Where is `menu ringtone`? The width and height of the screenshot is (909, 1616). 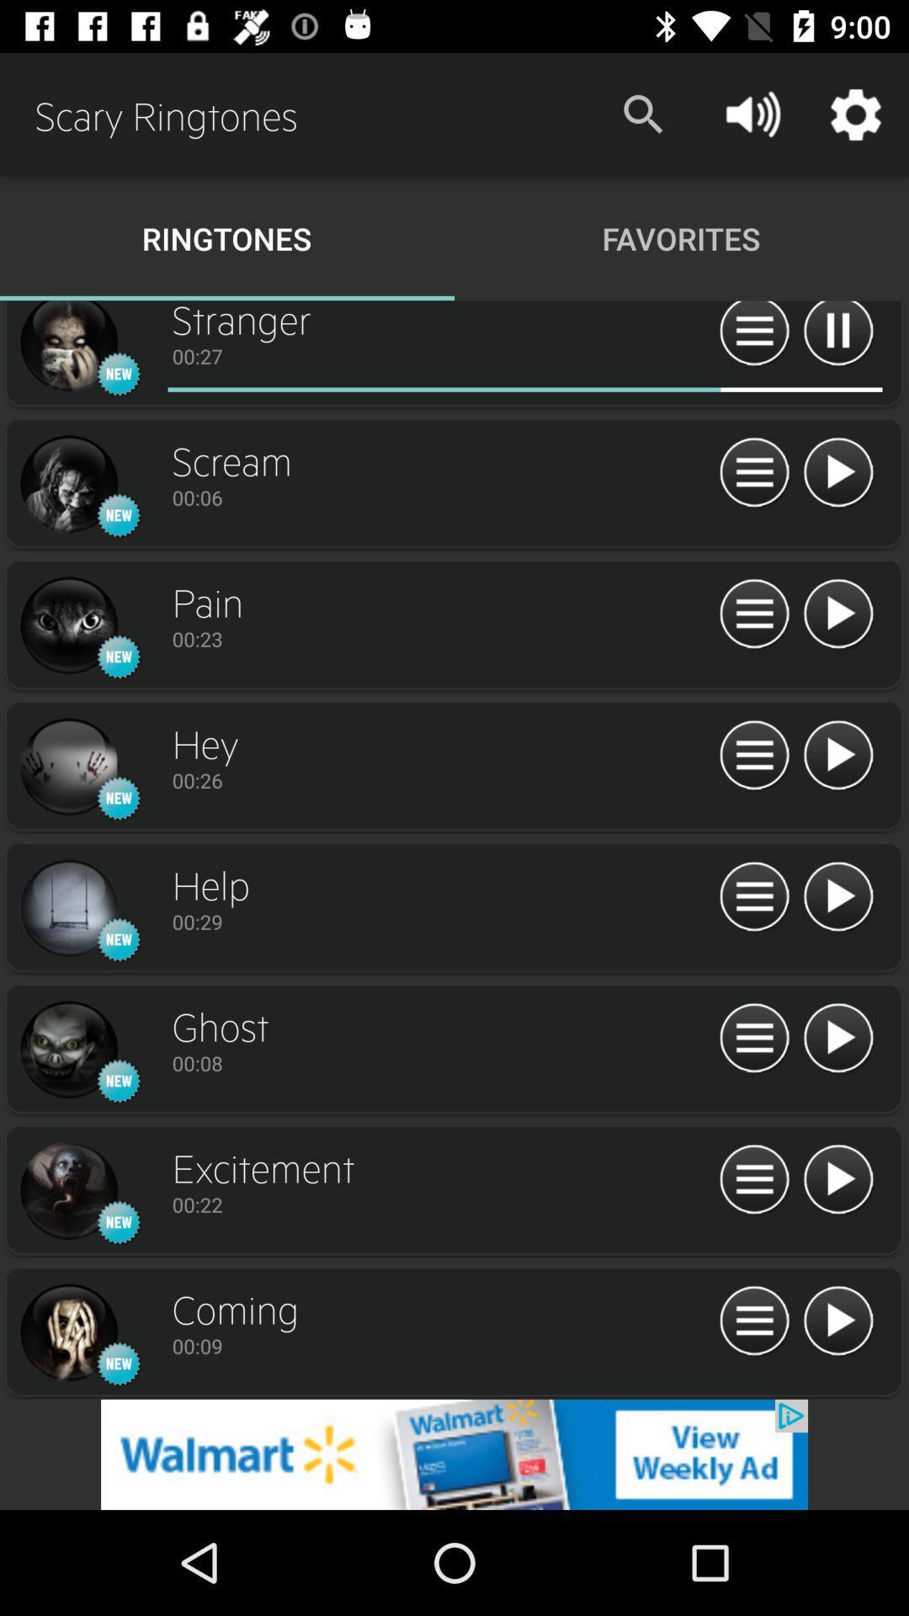
menu ringtone is located at coordinates (753, 1179).